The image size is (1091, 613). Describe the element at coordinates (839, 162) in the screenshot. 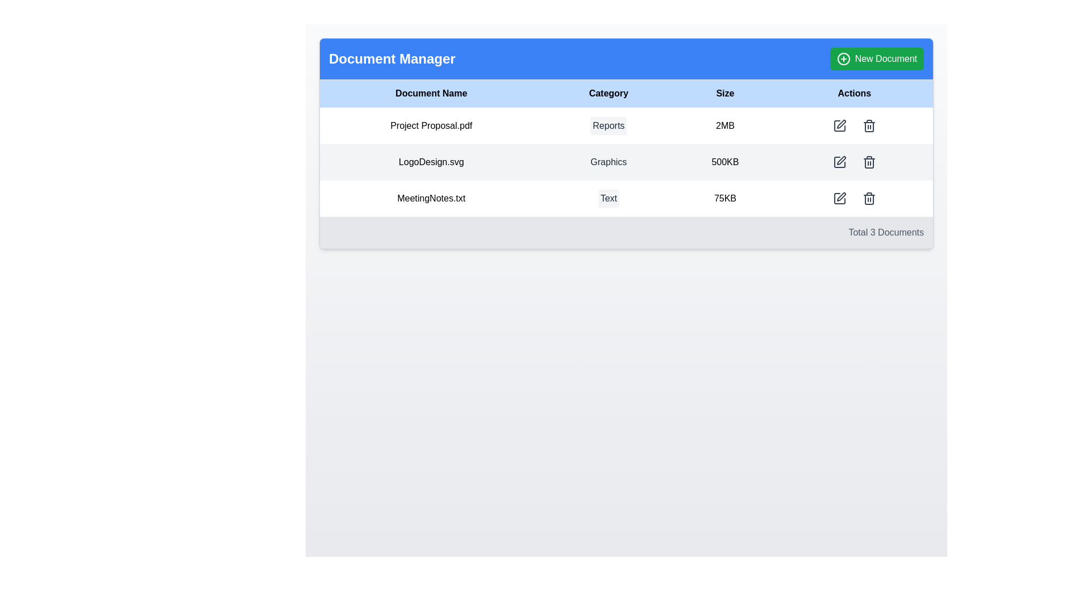

I see `the edit icon in the 'Actions' column of the second row associated with the 'LogoDesign.svg' document` at that location.